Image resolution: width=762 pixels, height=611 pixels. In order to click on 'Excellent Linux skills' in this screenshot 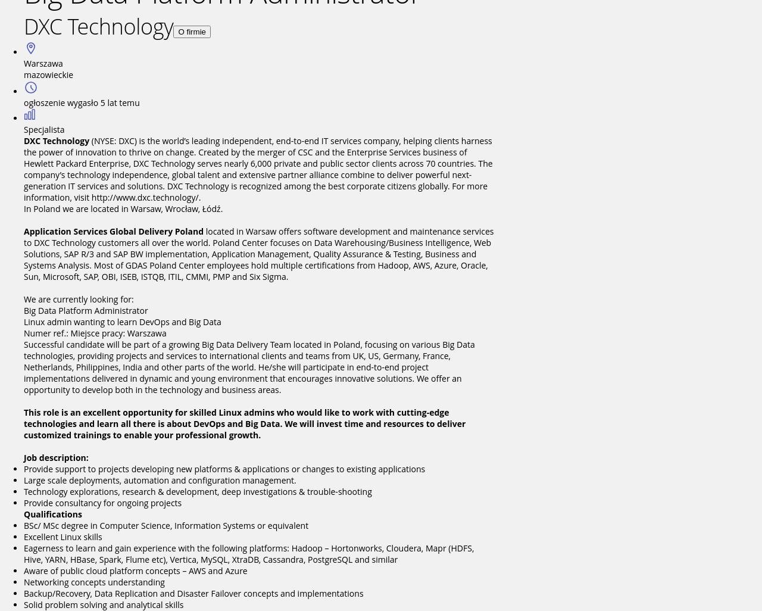, I will do `click(62, 536)`.